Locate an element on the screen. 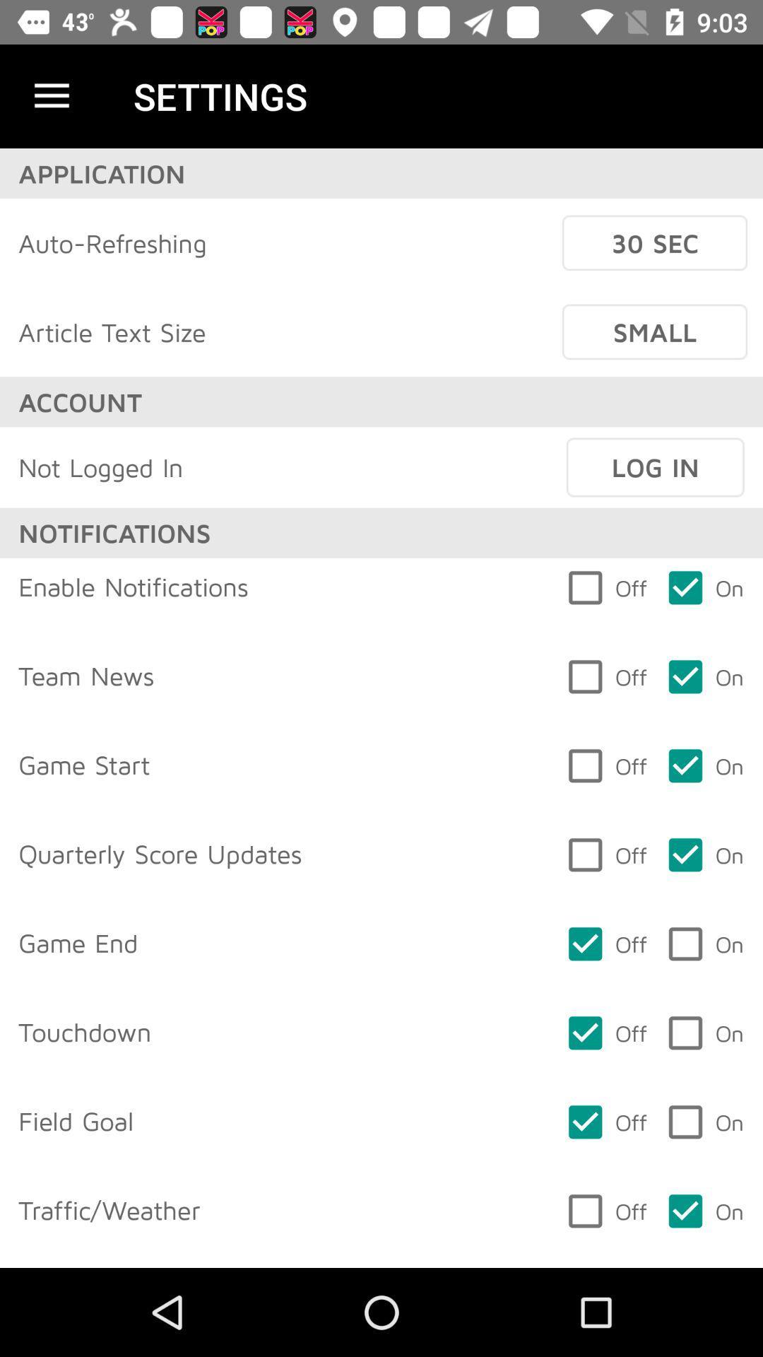  the first on check box from bottom is located at coordinates (705, 1210).